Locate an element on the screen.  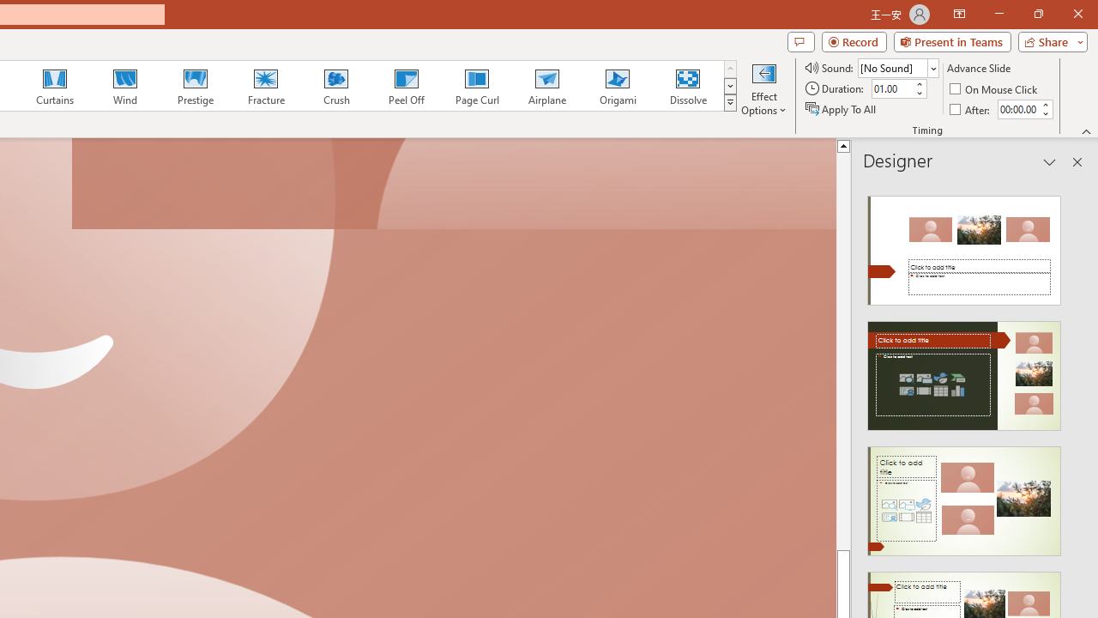
'Share' is located at coordinates (1048, 40).